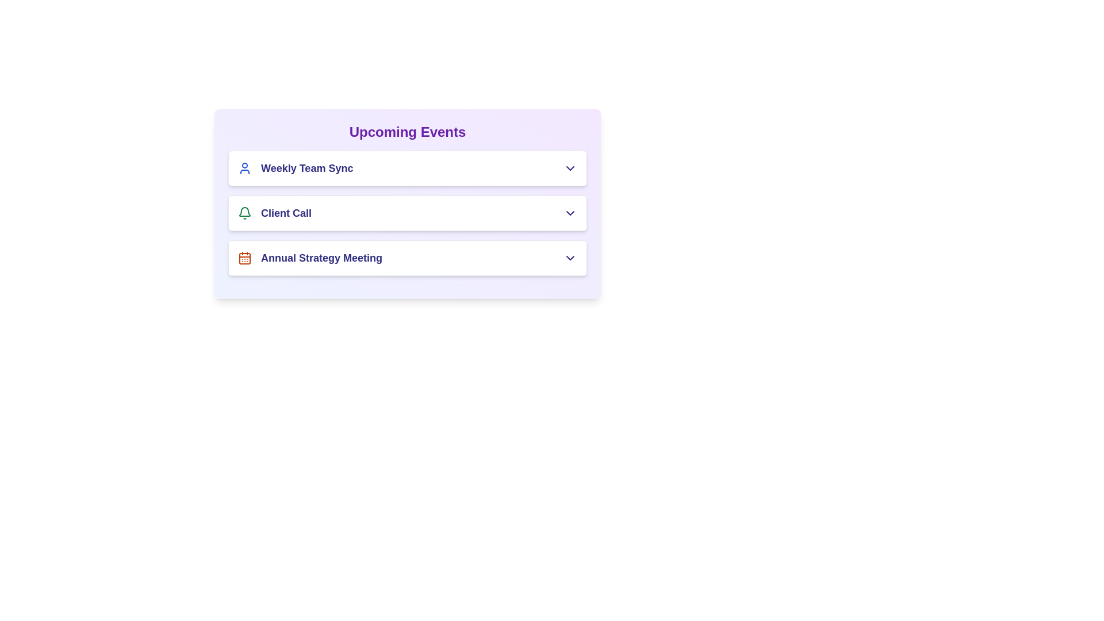 This screenshot has width=1104, height=621. What do you see at coordinates (408, 213) in the screenshot?
I see `the interactive list item displaying 'Client Call'` at bounding box center [408, 213].